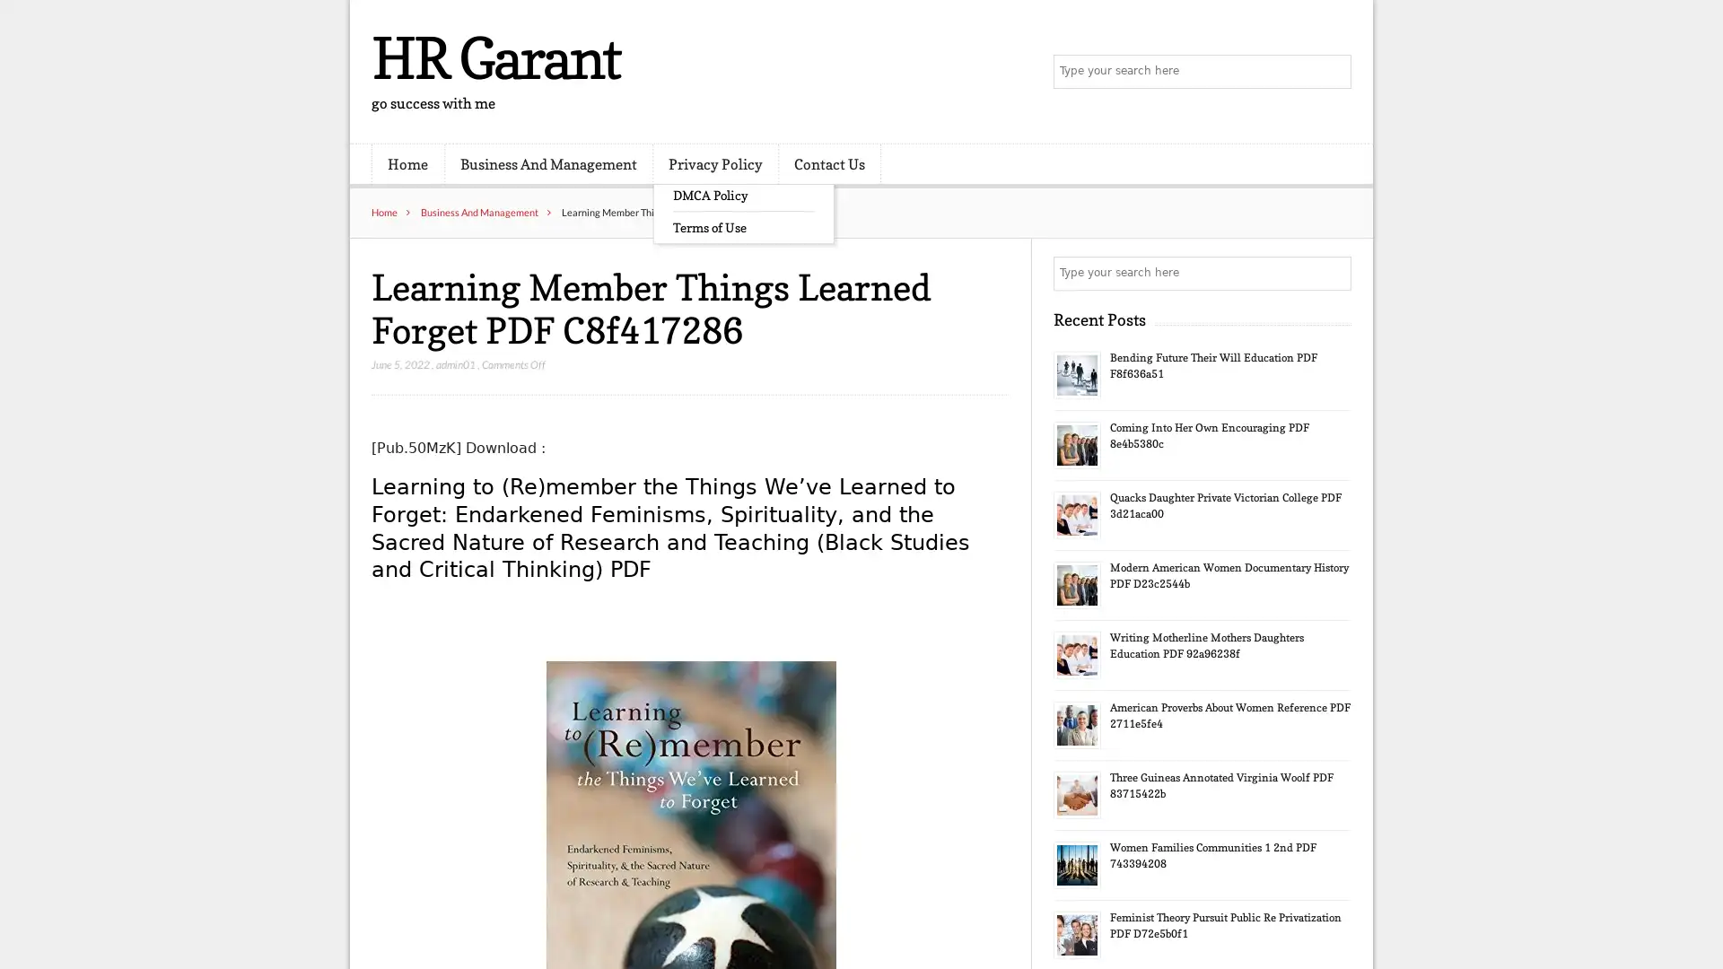  Describe the element at coordinates (1333, 72) in the screenshot. I see `Search` at that location.